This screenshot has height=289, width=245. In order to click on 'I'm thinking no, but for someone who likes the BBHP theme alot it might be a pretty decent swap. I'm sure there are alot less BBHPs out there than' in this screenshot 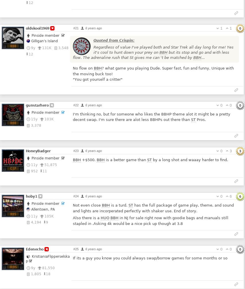, I will do `click(151, 116)`.